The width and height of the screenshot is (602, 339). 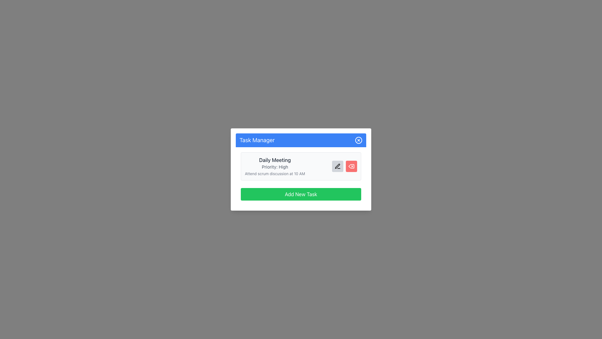 What do you see at coordinates (275, 167) in the screenshot?
I see `the text label displaying 'Priority: High' which is styled in gray and positioned below the 'Daily Meeting' heading within a card interface` at bounding box center [275, 167].